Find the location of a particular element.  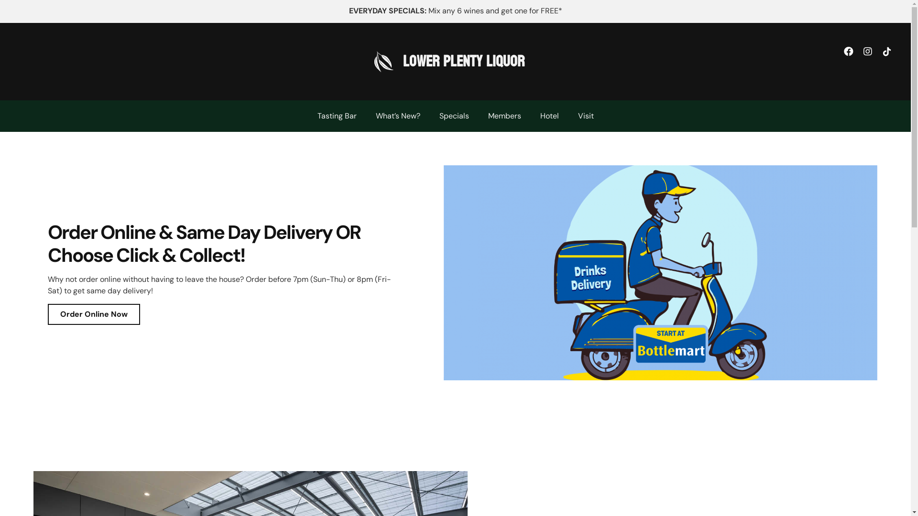

'Hotel' is located at coordinates (549, 116).